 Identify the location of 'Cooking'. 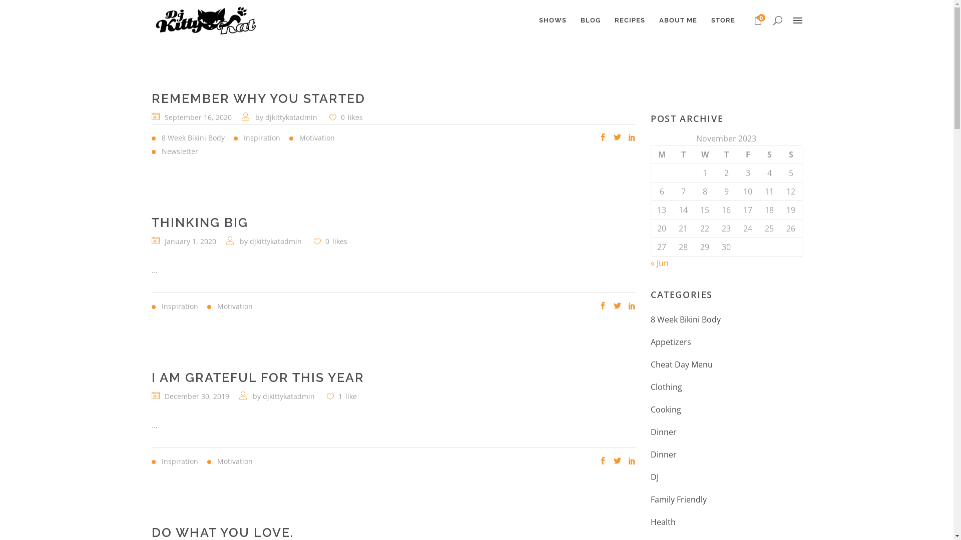
(666, 409).